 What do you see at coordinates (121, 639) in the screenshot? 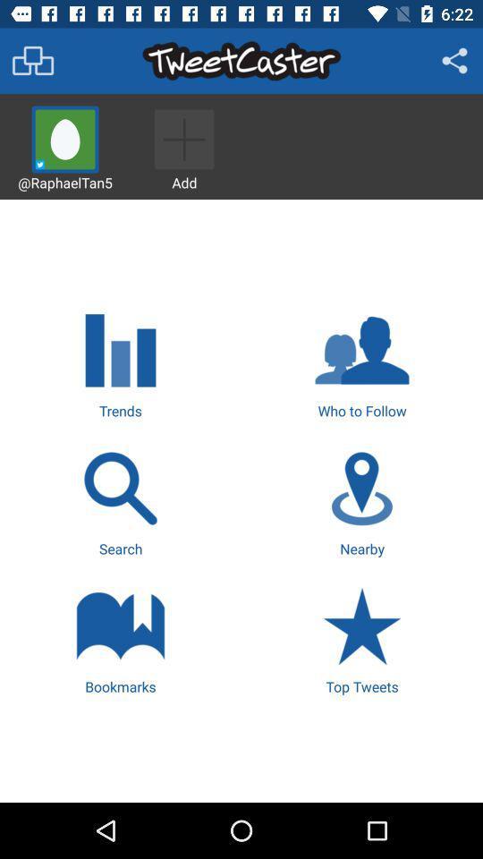
I see `bookmarks icon` at bounding box center [121, 639].